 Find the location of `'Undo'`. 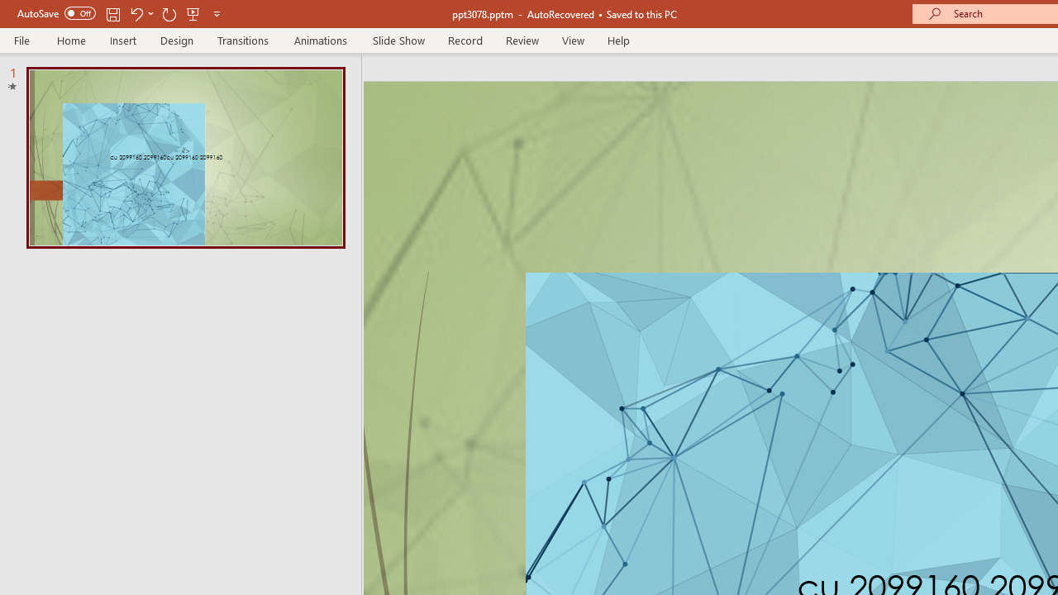

'Undo' is located at coordinates (136, 13).